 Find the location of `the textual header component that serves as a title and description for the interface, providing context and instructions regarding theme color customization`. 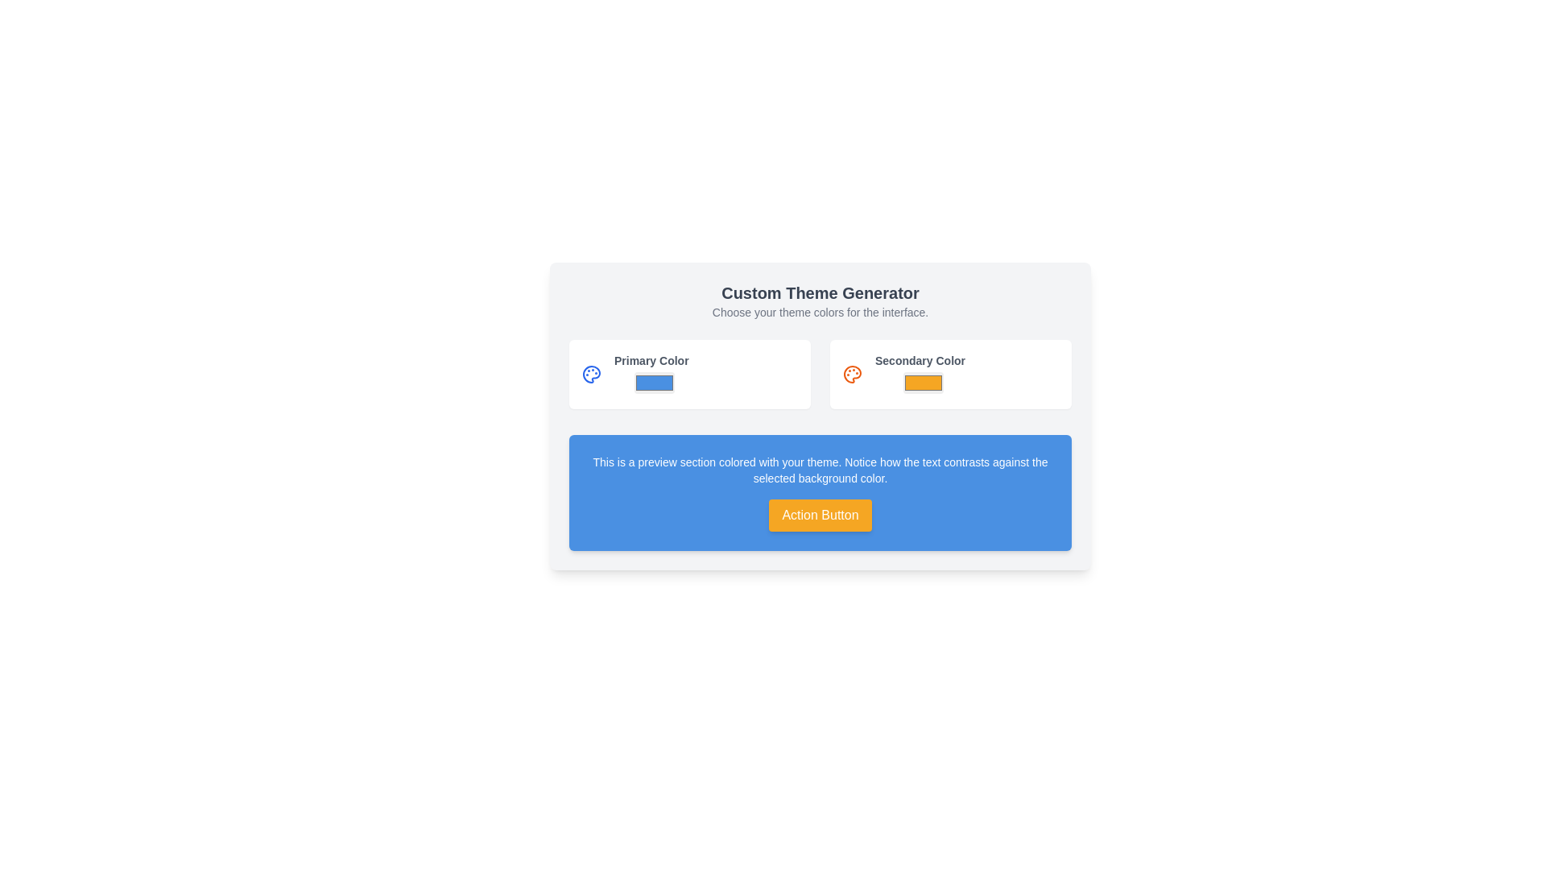

the textual header component that serves as a title and description for the interface, providing context and instructions regarding theme color customization is located at coordinates (820, 301).